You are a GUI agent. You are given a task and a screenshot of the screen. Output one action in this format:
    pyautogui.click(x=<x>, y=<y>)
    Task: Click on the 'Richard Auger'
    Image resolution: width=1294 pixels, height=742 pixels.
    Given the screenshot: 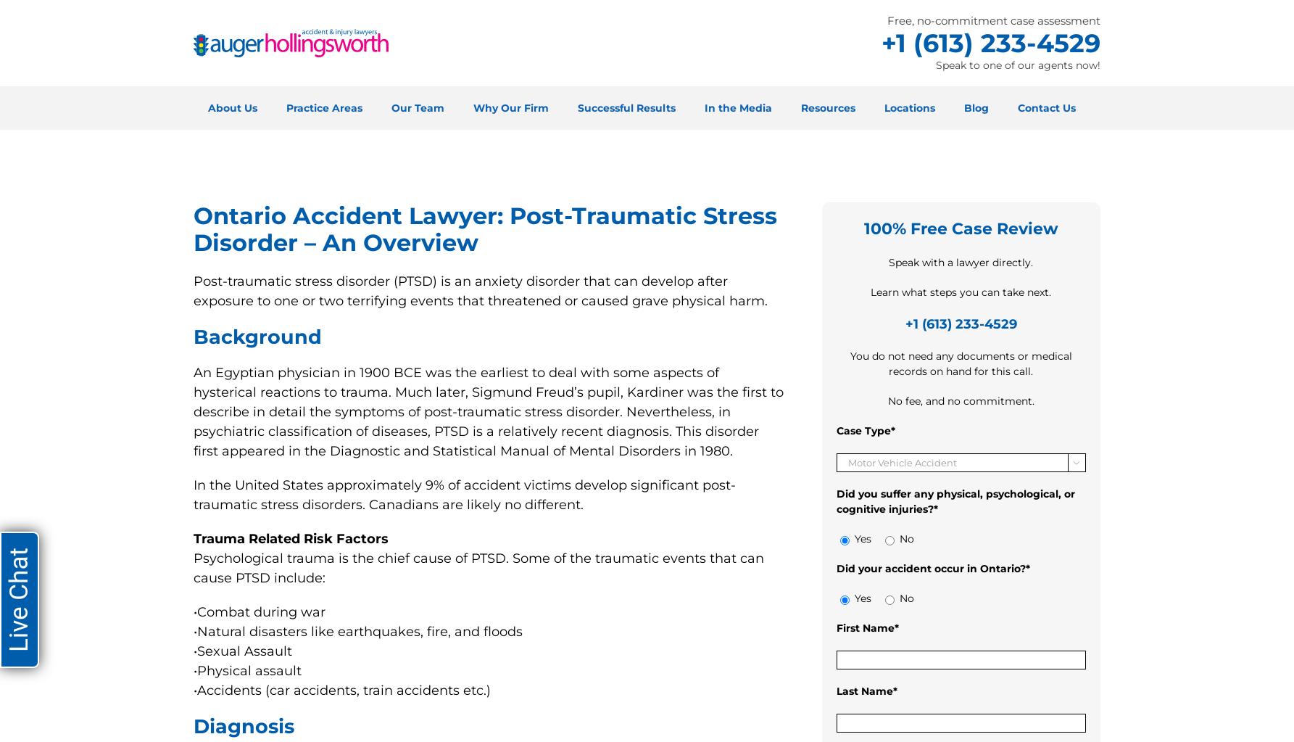 What is the action you would take?
    pyautogui.click(x=428, y=178)
    